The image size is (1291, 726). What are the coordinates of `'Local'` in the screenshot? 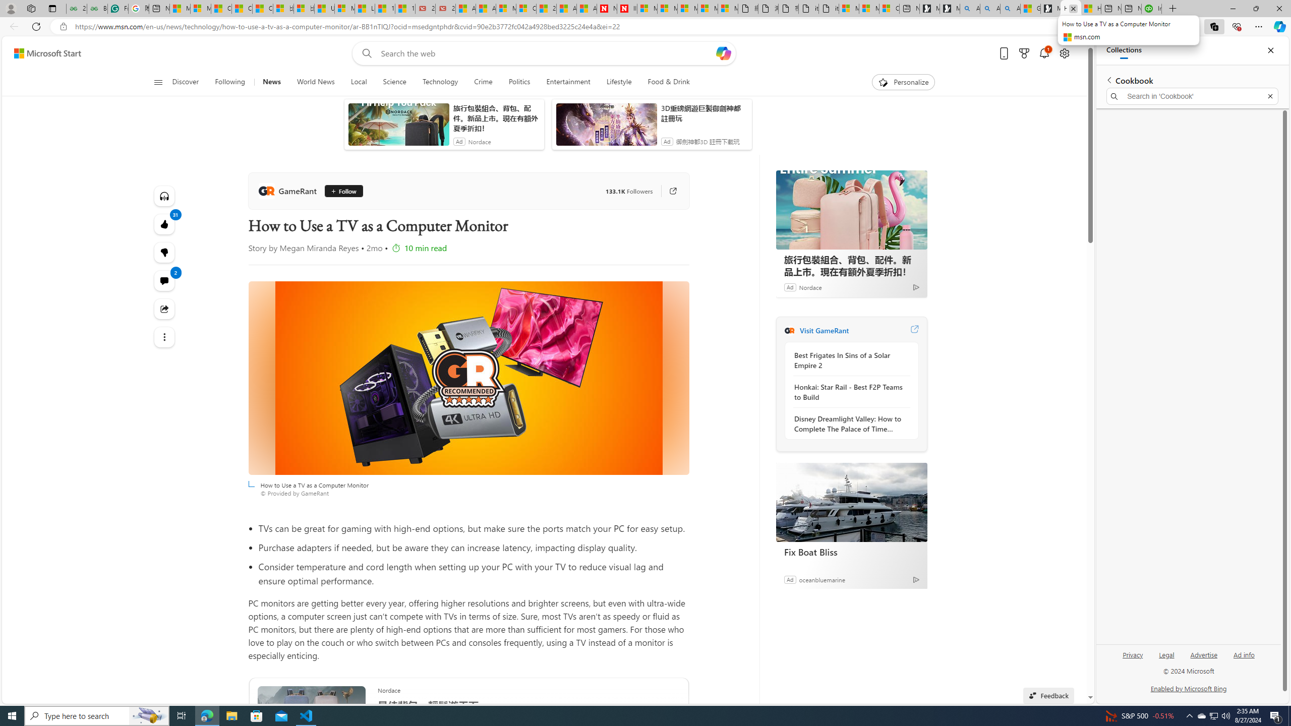 It's located at (358, 82).